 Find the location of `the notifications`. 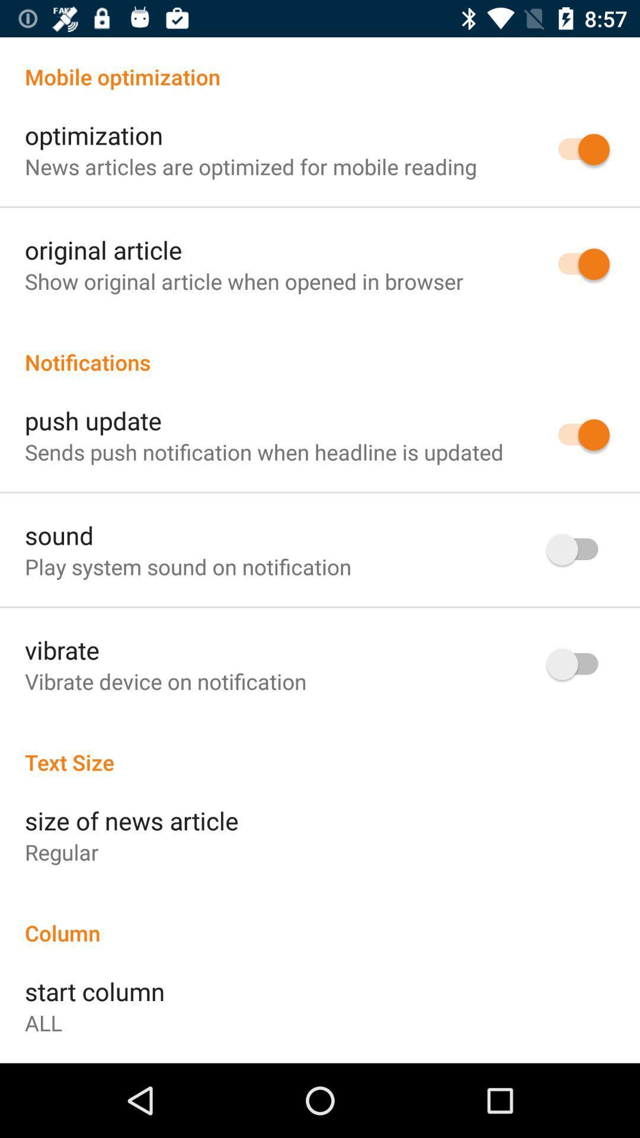

the notifications is located at coordinates (320, 349).